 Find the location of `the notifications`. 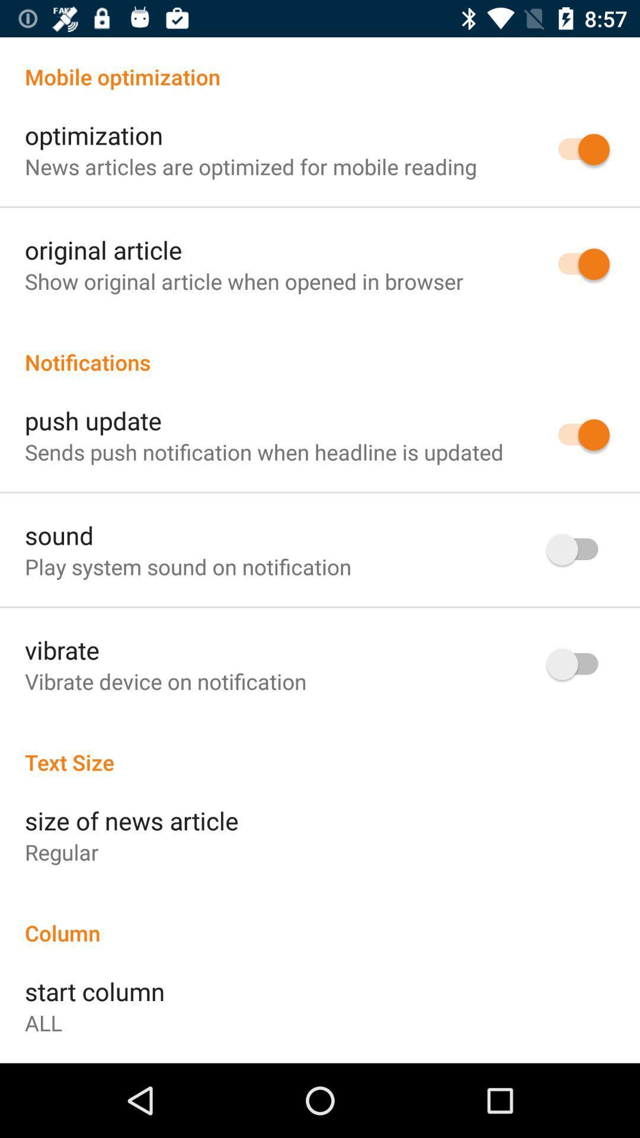

the notifications is located at coordinates (320, 349).